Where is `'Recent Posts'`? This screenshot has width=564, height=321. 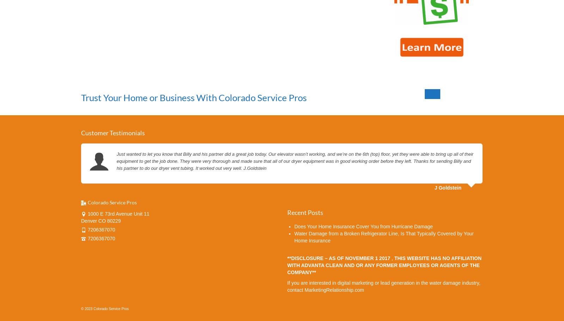 'Recent Posts' is located at coordinates (305, 211).